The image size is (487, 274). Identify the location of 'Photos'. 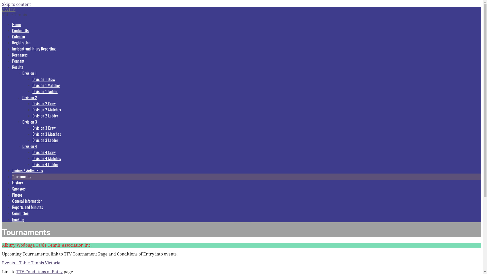
(17, 194).